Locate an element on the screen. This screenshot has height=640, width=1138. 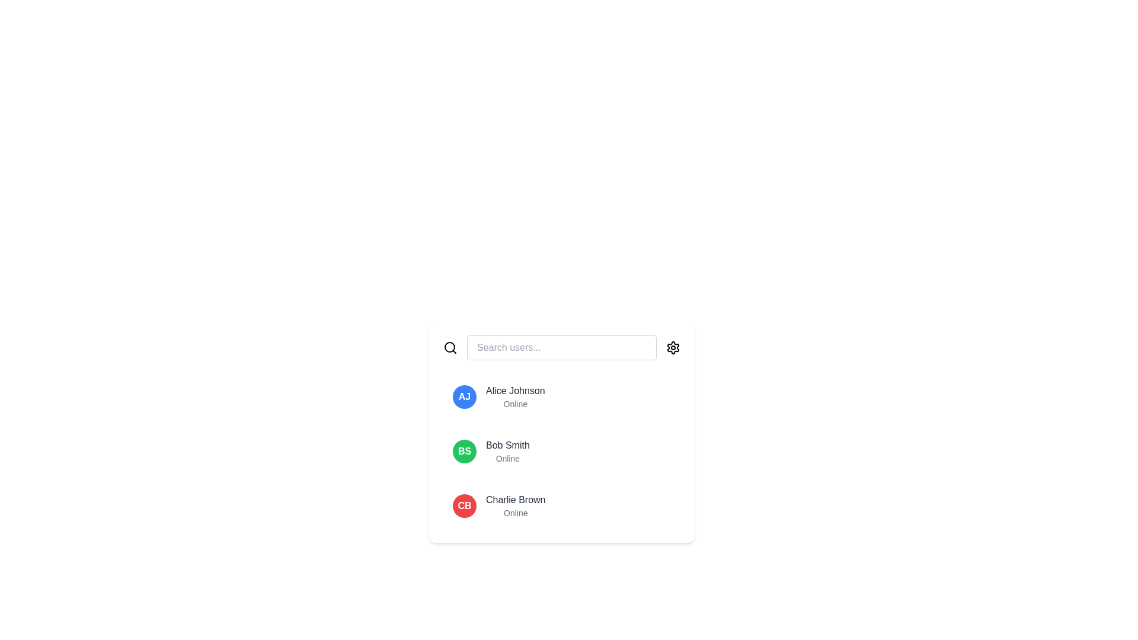
the text label displaying 'Online' in small gray font, which is positioned directly below 'Alice Johnson' in the user list is located at coordinates (515, 404).